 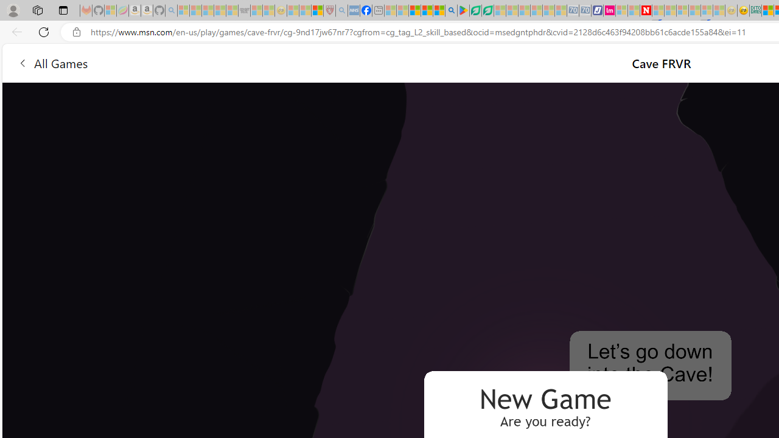 What do you see at coordinates (572, 10) in the screenshot?
I see `'Cheap Car Rentals - Save70.com - Sleeping'` at bounding box center [572, 10].